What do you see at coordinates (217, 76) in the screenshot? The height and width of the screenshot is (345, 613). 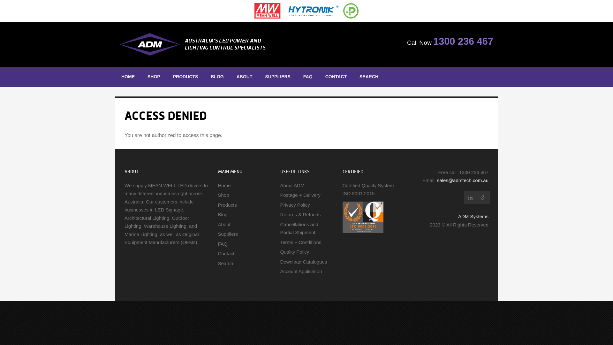 I see `'BLOG'` at bounding box center [217, 76].